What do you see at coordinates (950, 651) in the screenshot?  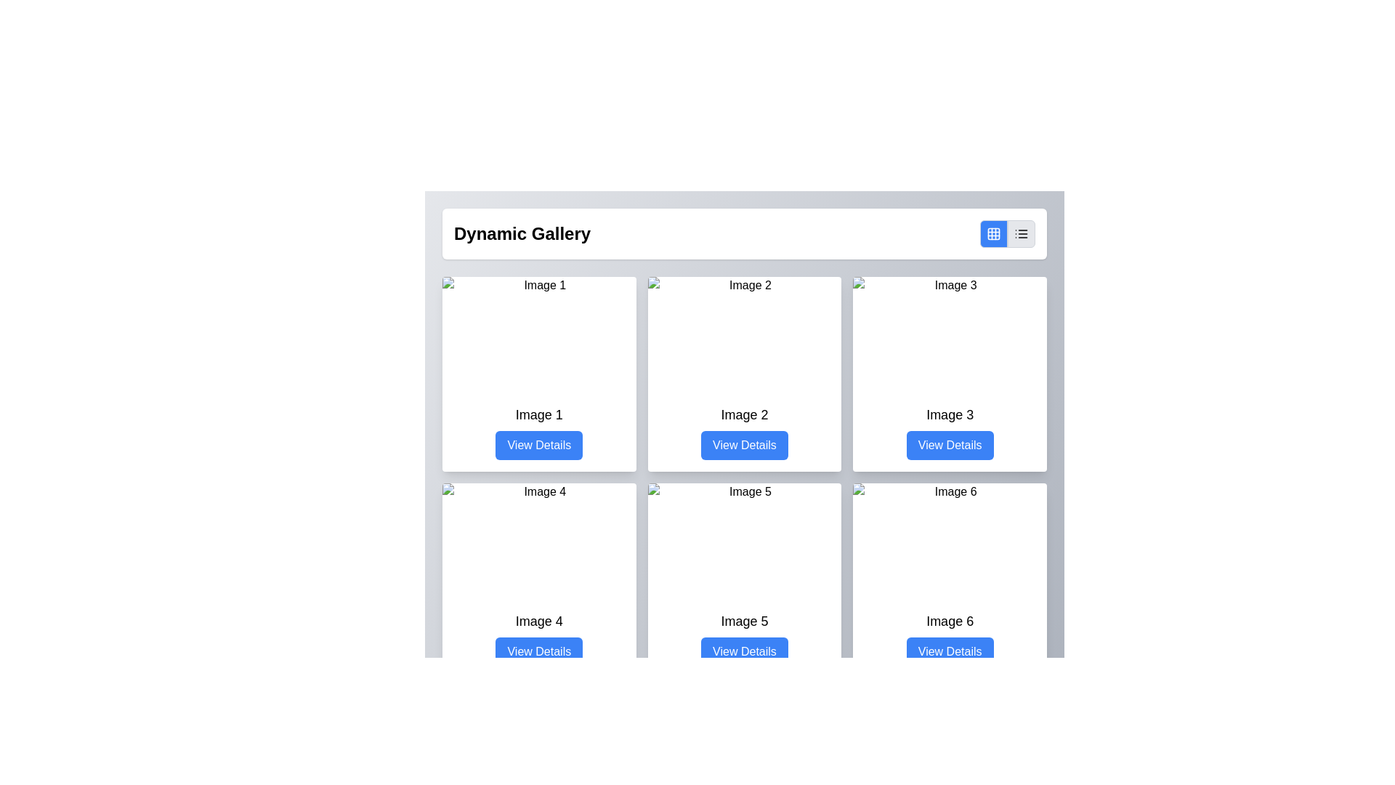 I see `the 'View Details' button, which is a rectangular button with white text on a blue background, located below the label 'Image 6' in the bottom section of its grid item` at bounding box center [950, 651].